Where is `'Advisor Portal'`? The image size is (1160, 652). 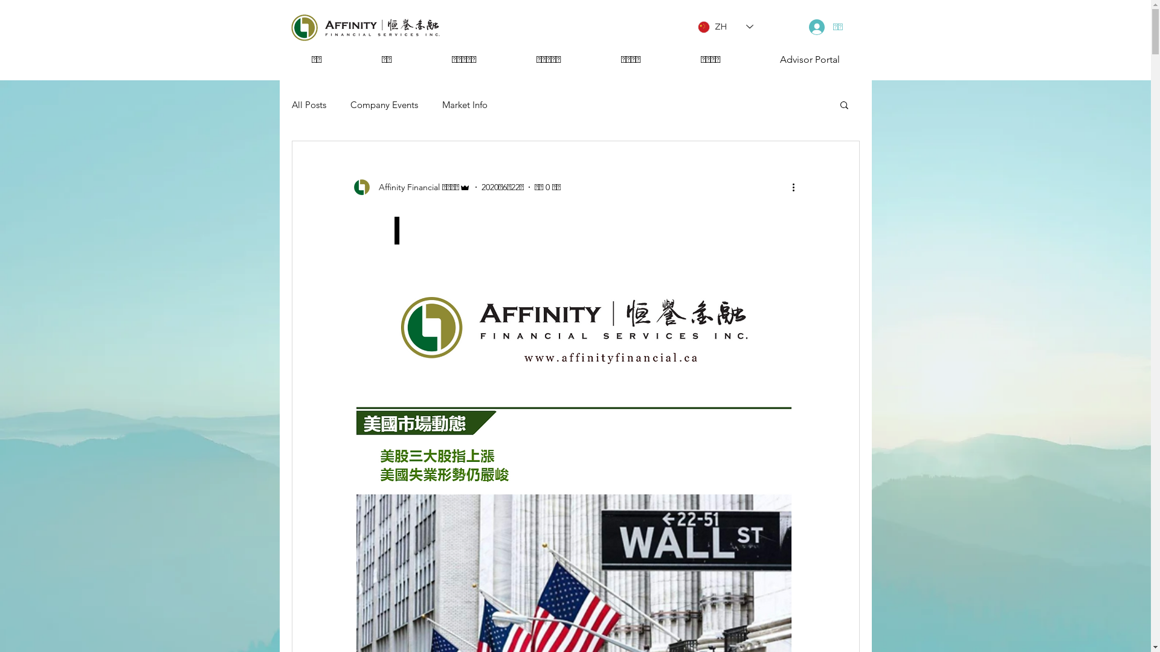 'Advisor Portal' is located at coordinates (810, 59).